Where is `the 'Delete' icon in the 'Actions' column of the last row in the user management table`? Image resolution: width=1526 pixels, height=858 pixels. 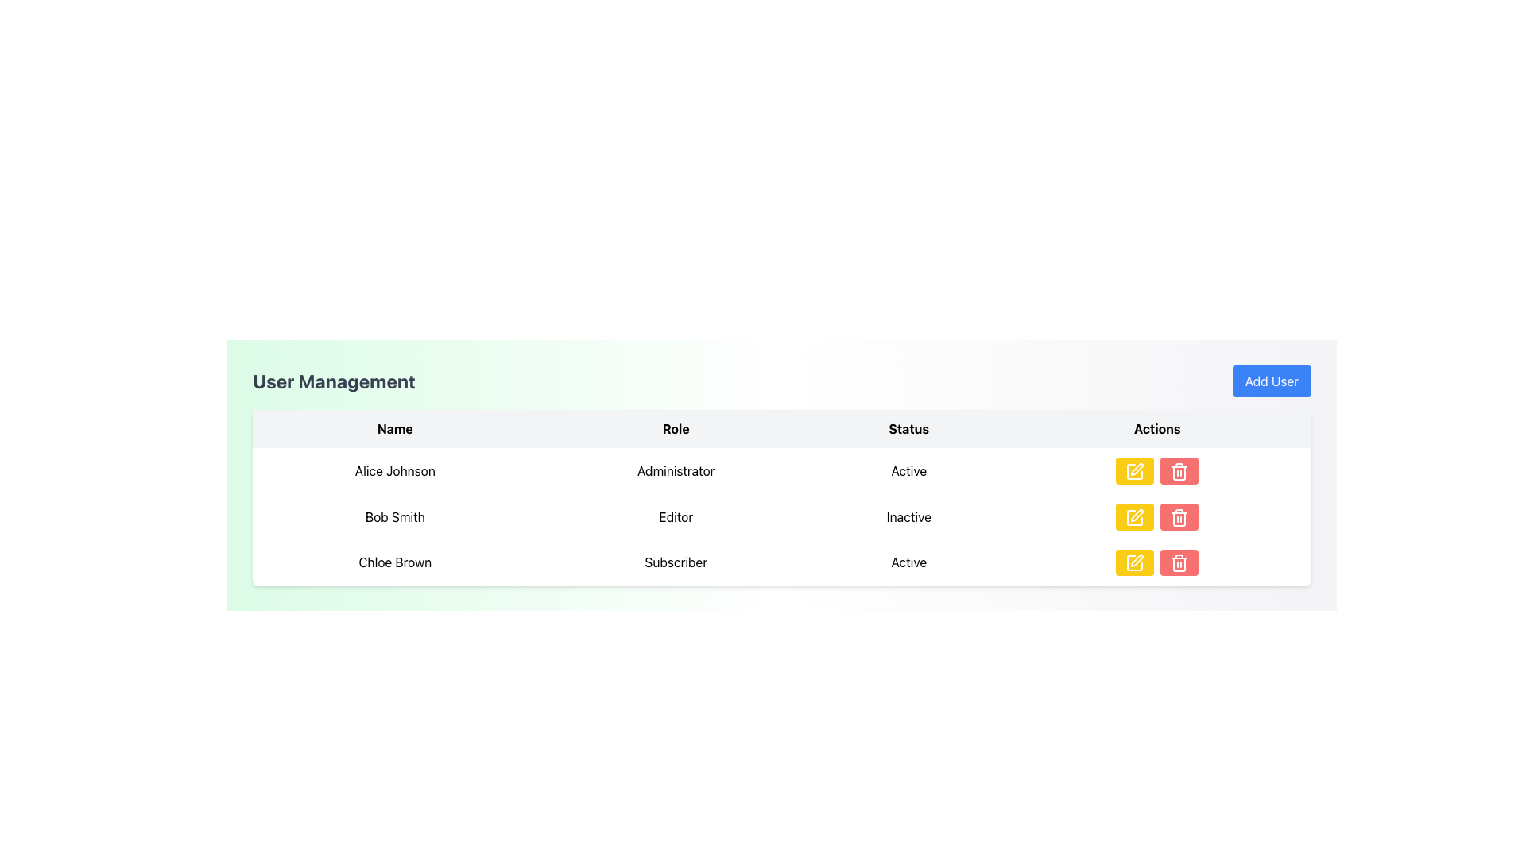
the 'Delete' icon in the 'Actions' column of the last row in the user management table is located at coordinates (1179, 564).